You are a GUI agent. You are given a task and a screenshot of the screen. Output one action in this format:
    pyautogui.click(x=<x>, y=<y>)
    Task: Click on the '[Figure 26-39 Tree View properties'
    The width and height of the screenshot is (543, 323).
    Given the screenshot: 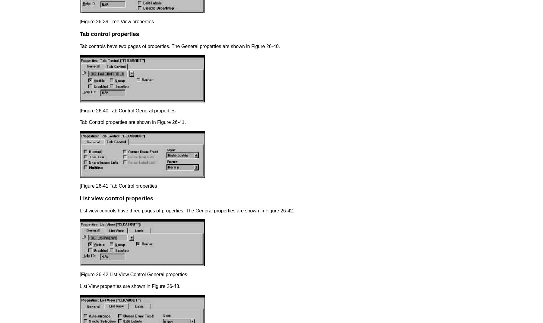 What is the action you would take?
    pyautogui.click(x=117, y=21)
    